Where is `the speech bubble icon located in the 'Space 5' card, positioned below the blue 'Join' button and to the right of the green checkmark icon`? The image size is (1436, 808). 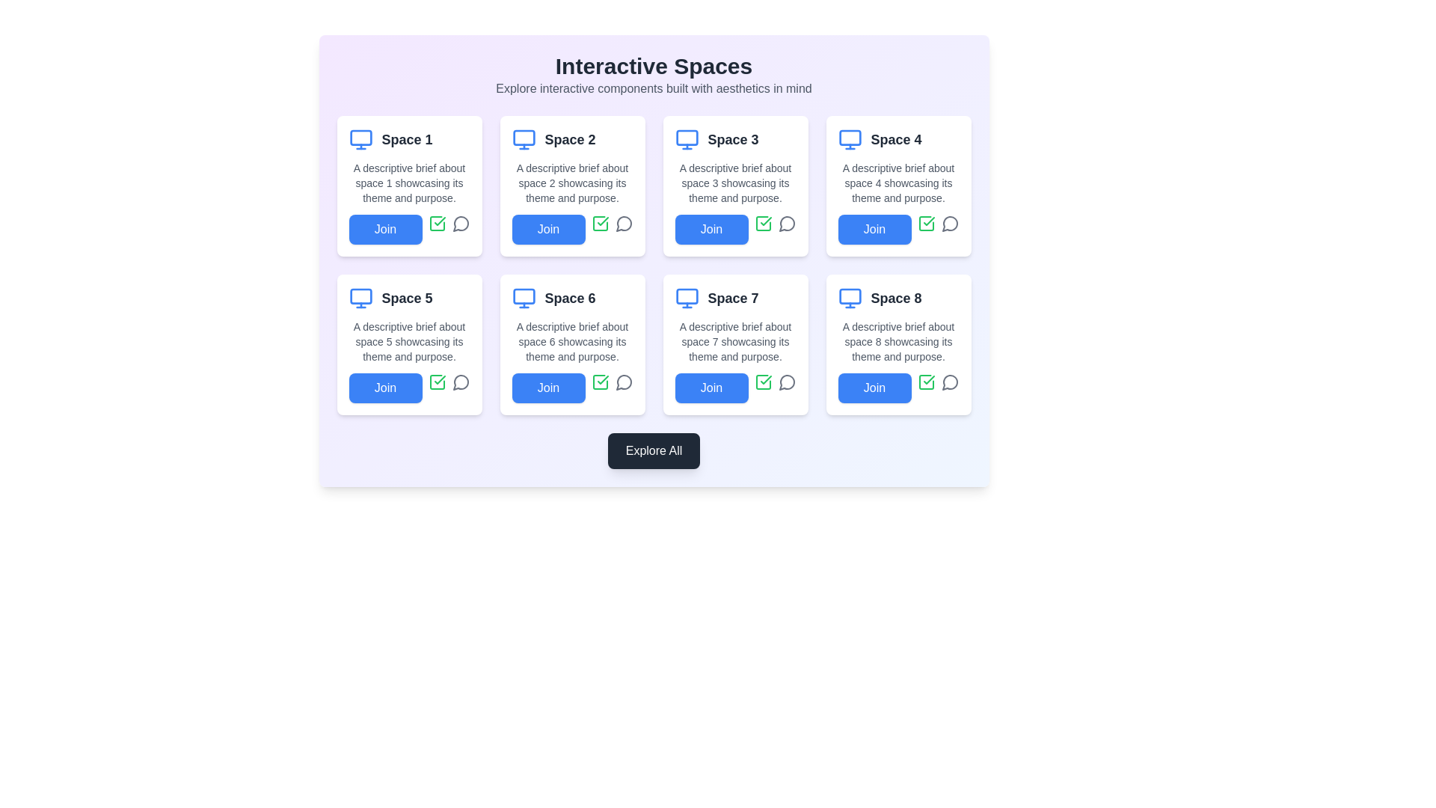 the speech bubble icon located in the 'Space 5' card, positioned below the blue 'Join' button and to the right of the green checkmark icon is located at coordinates (460, 381).